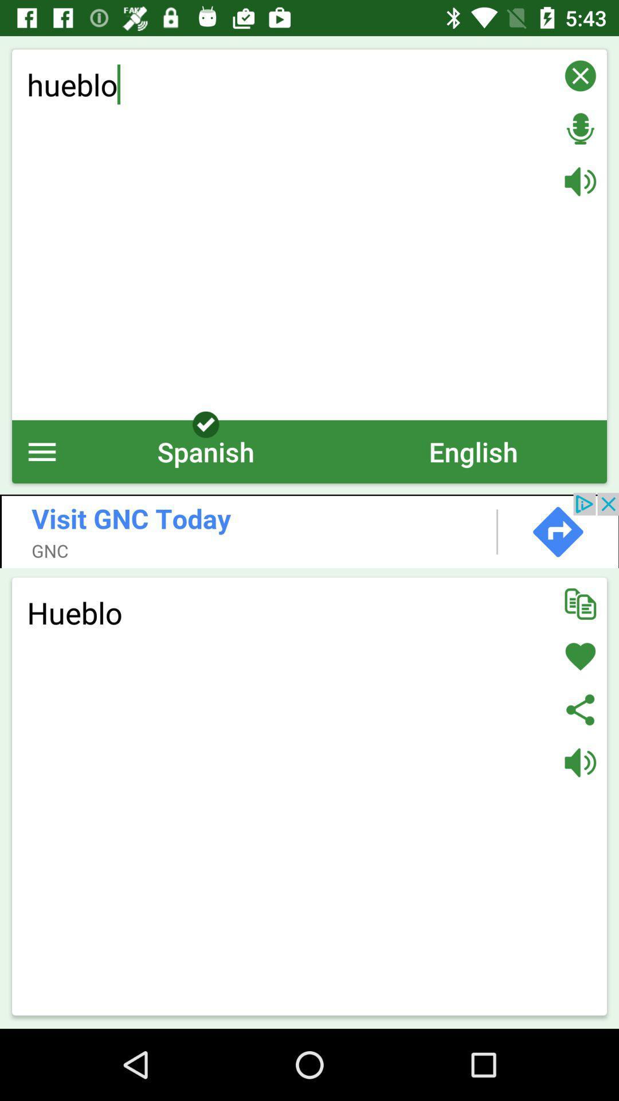  I want to click on press record, so click(580, 128).